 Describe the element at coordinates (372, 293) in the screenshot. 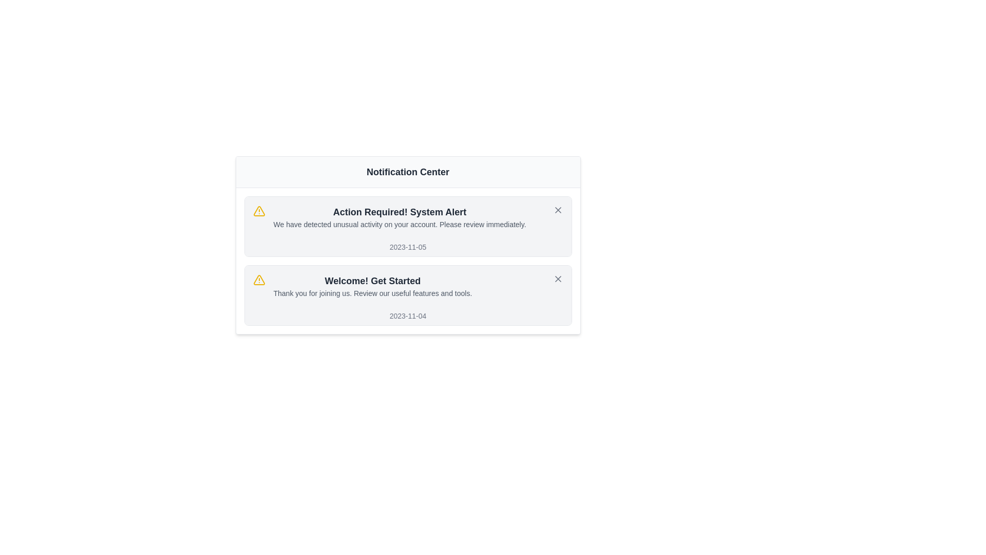

I see `the text element that reads 'Thank you for joining us. Review our useful features and tools.' which is styled in gray and positioned below the title 'Welcome! Get Started' in the second notification box` at that location.